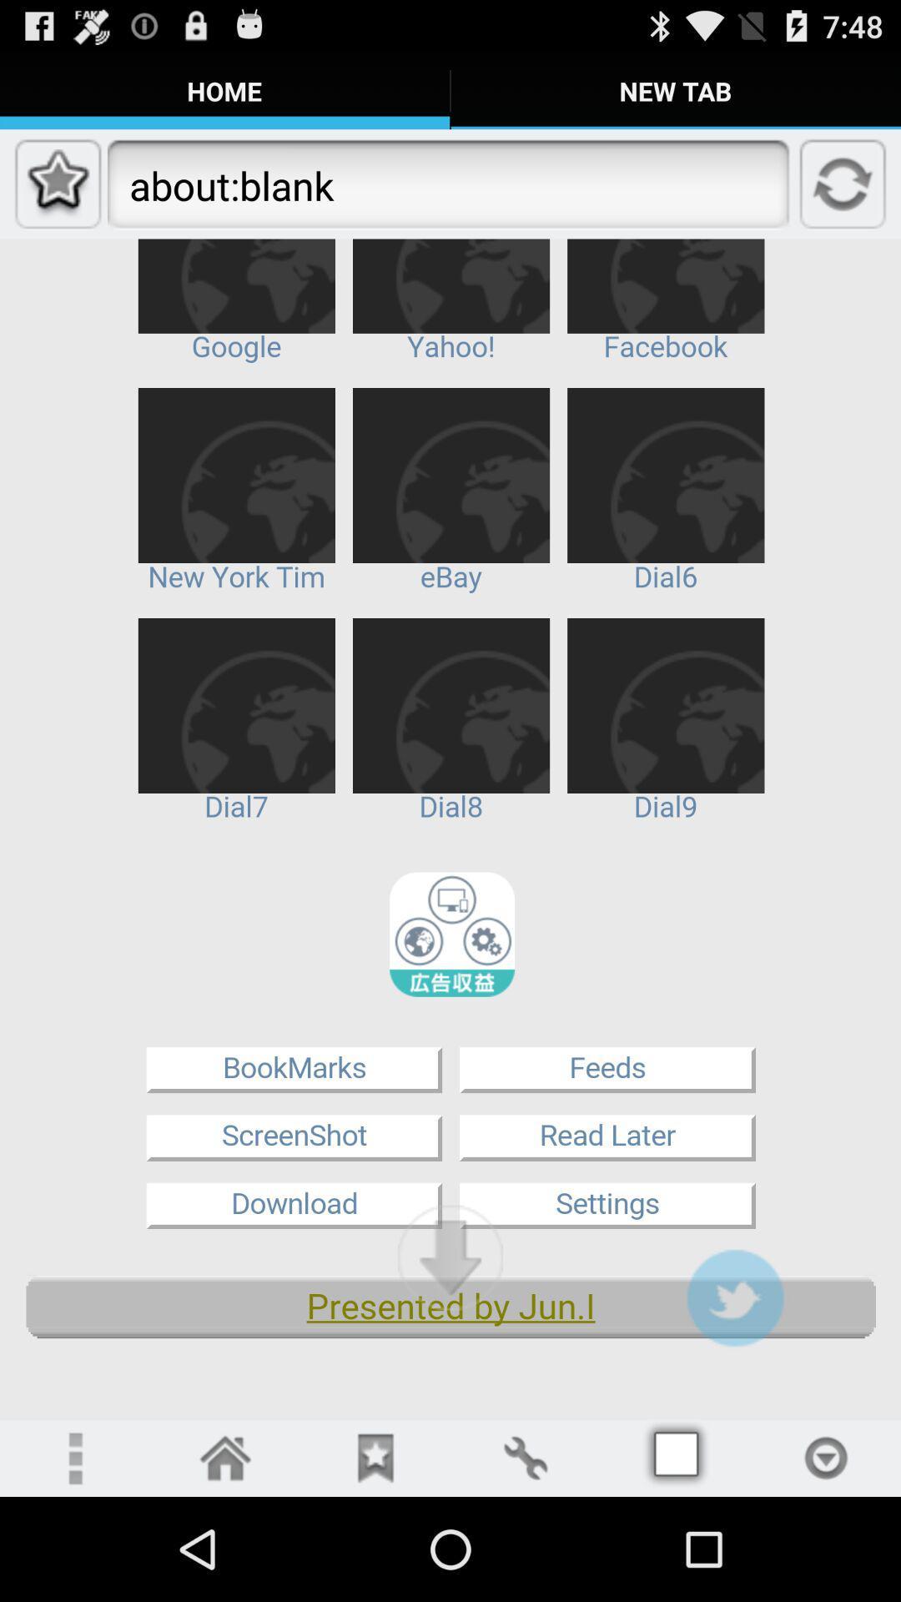 The height and width of the screenshot is (1602, 901). Describe the element at coordinates (734, 1297) in the screenshot. I see `twitter symbol` at that location.